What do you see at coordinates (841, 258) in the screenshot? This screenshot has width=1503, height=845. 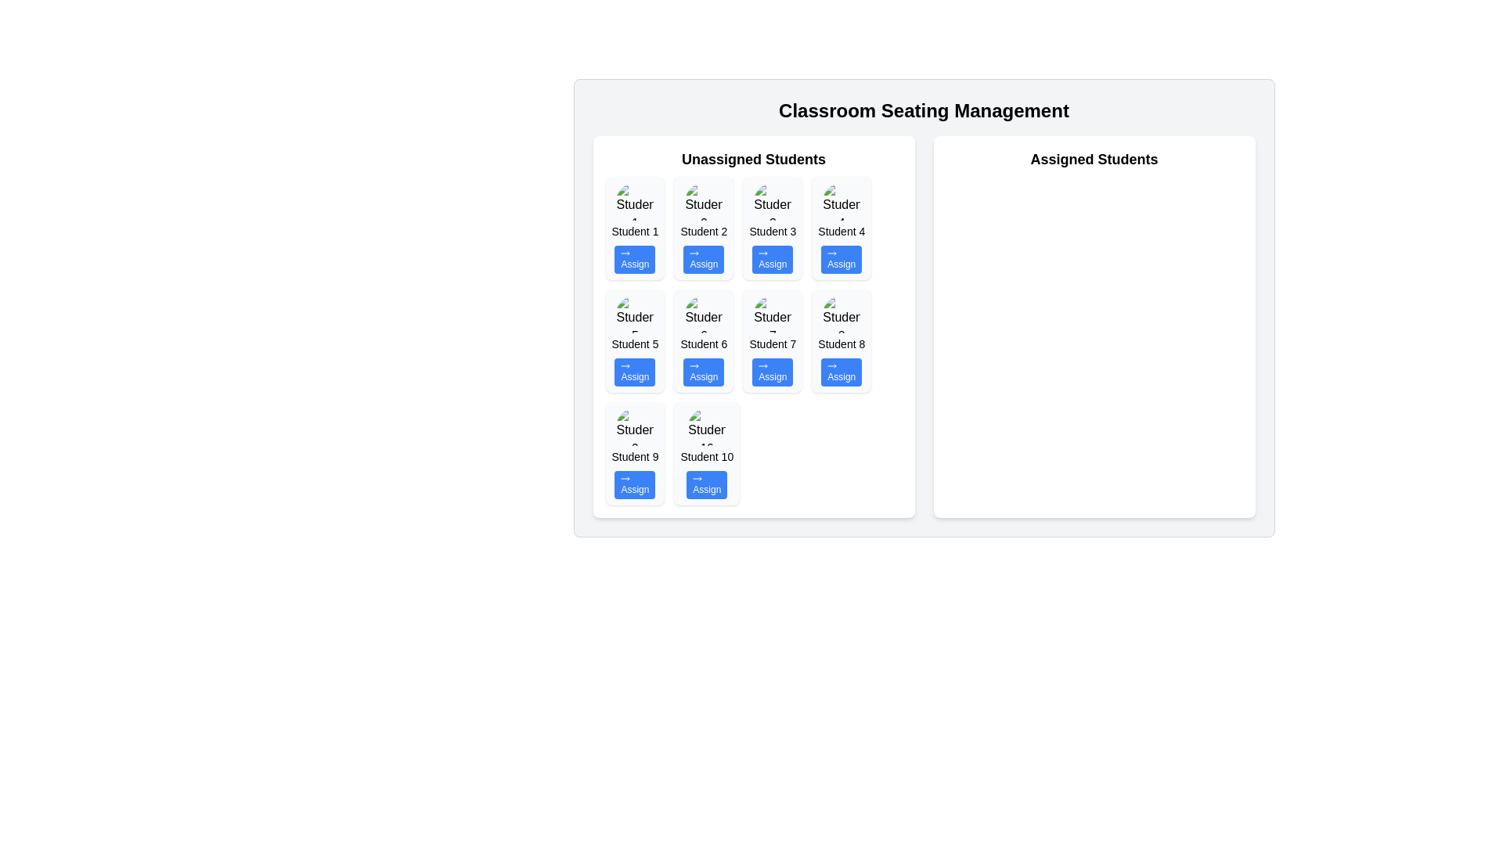 I see `the button located in the 'Student 4' section under 'Unassigned Students'` at bounding box center [841, 258].